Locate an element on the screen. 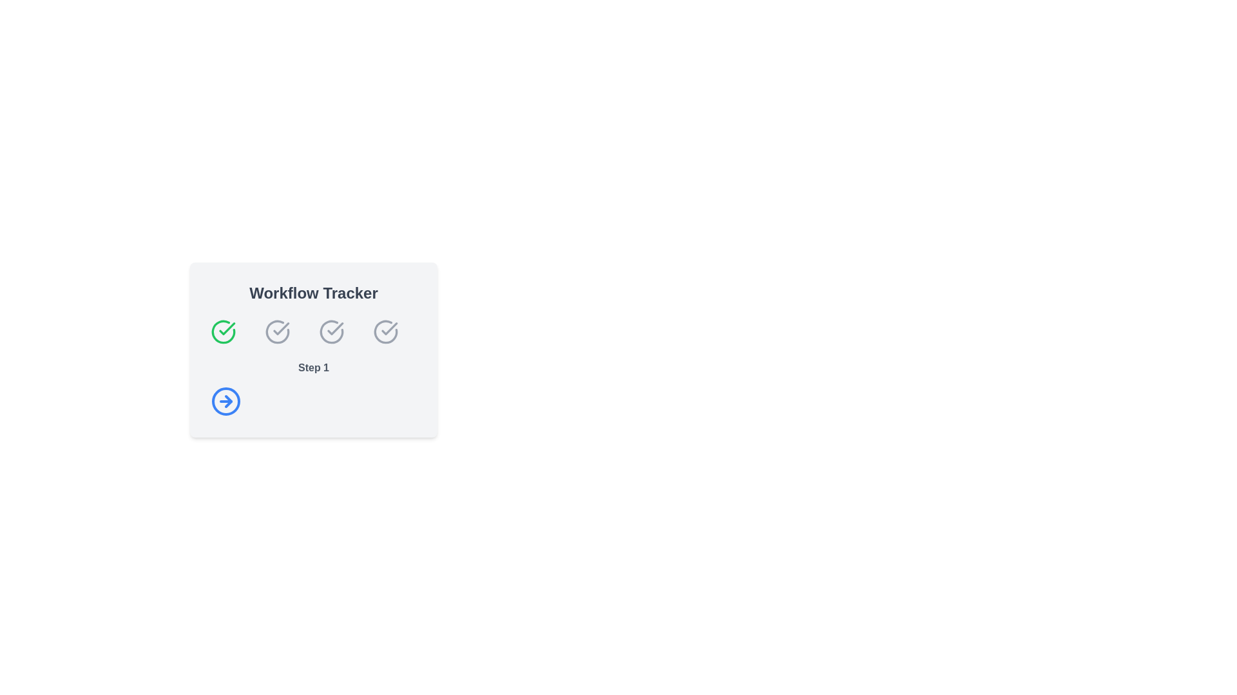 The width and height of the screenshot is (1237, 695). the circular arrow button with a blue outer border and a right-pointing arrow in the center to activate the potential tooltip is located at coordinates (225, 401).